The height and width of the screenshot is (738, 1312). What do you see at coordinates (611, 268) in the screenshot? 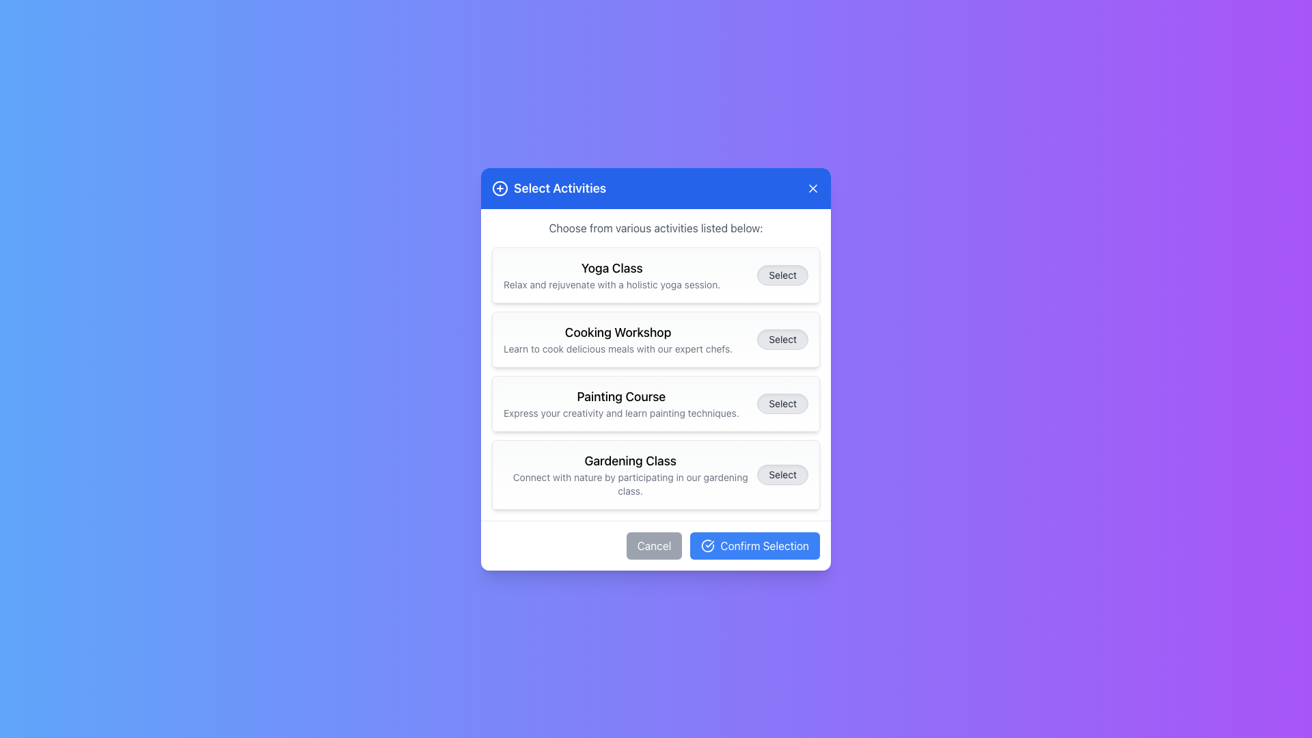
I see `the 'Yoga Class' title text label located at the top section of the dialog box, which is positioned above the description text for the yoga session` at bounding box center [611, 268].